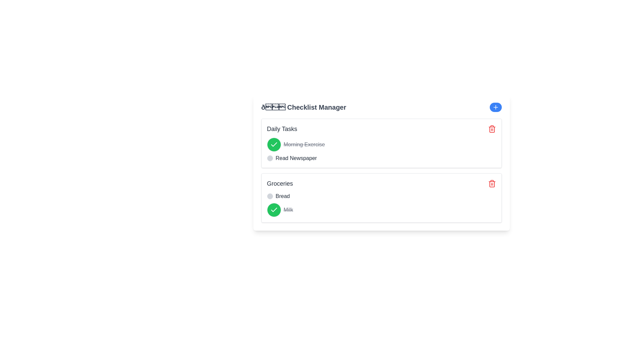 The image size is (641, 360). What do you see at coordinates (381, 196) in the screenshot?
I see `the status indicator of the 'Bread' list item in the groceries list` at bounding box center [381, 196].